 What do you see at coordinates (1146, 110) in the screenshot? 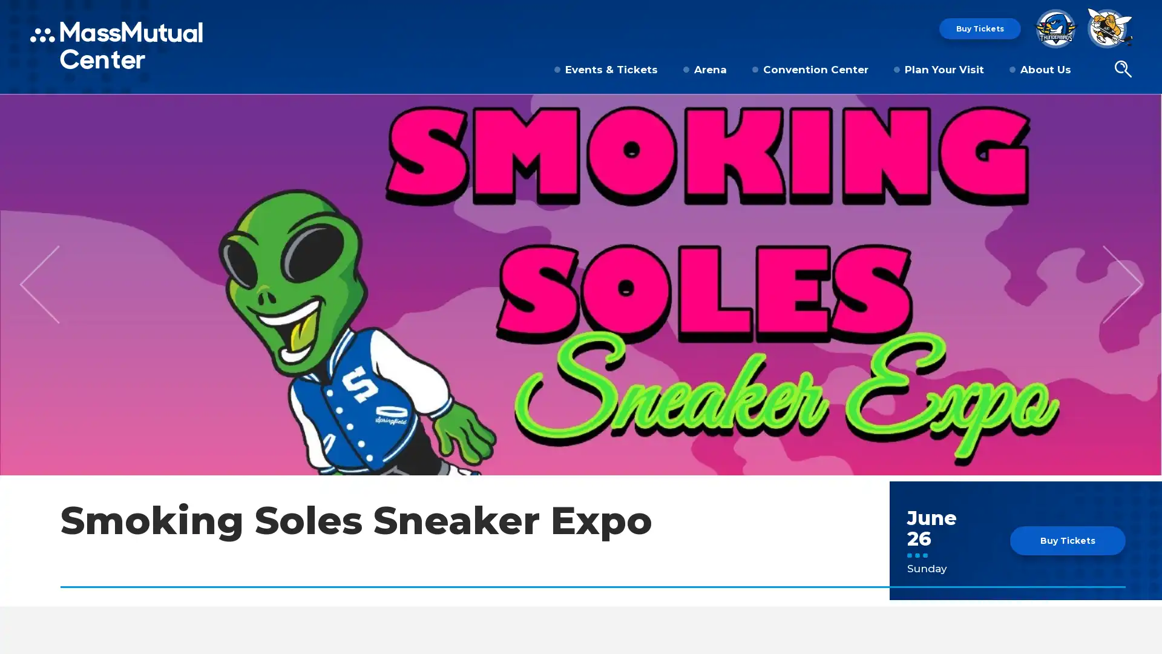
I see `Pause Slideshow` at bounding box center [1146, 110].